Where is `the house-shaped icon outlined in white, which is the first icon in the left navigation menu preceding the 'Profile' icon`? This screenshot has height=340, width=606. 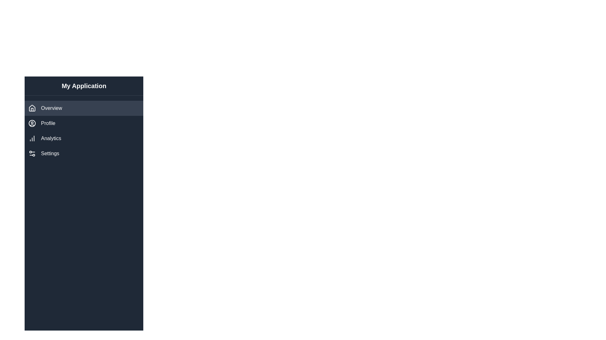 the house-shaped icon outlined in white, which is the first icon in the left navigation menu preceding the 'Profile' icon is located at coordinates (32, 108).